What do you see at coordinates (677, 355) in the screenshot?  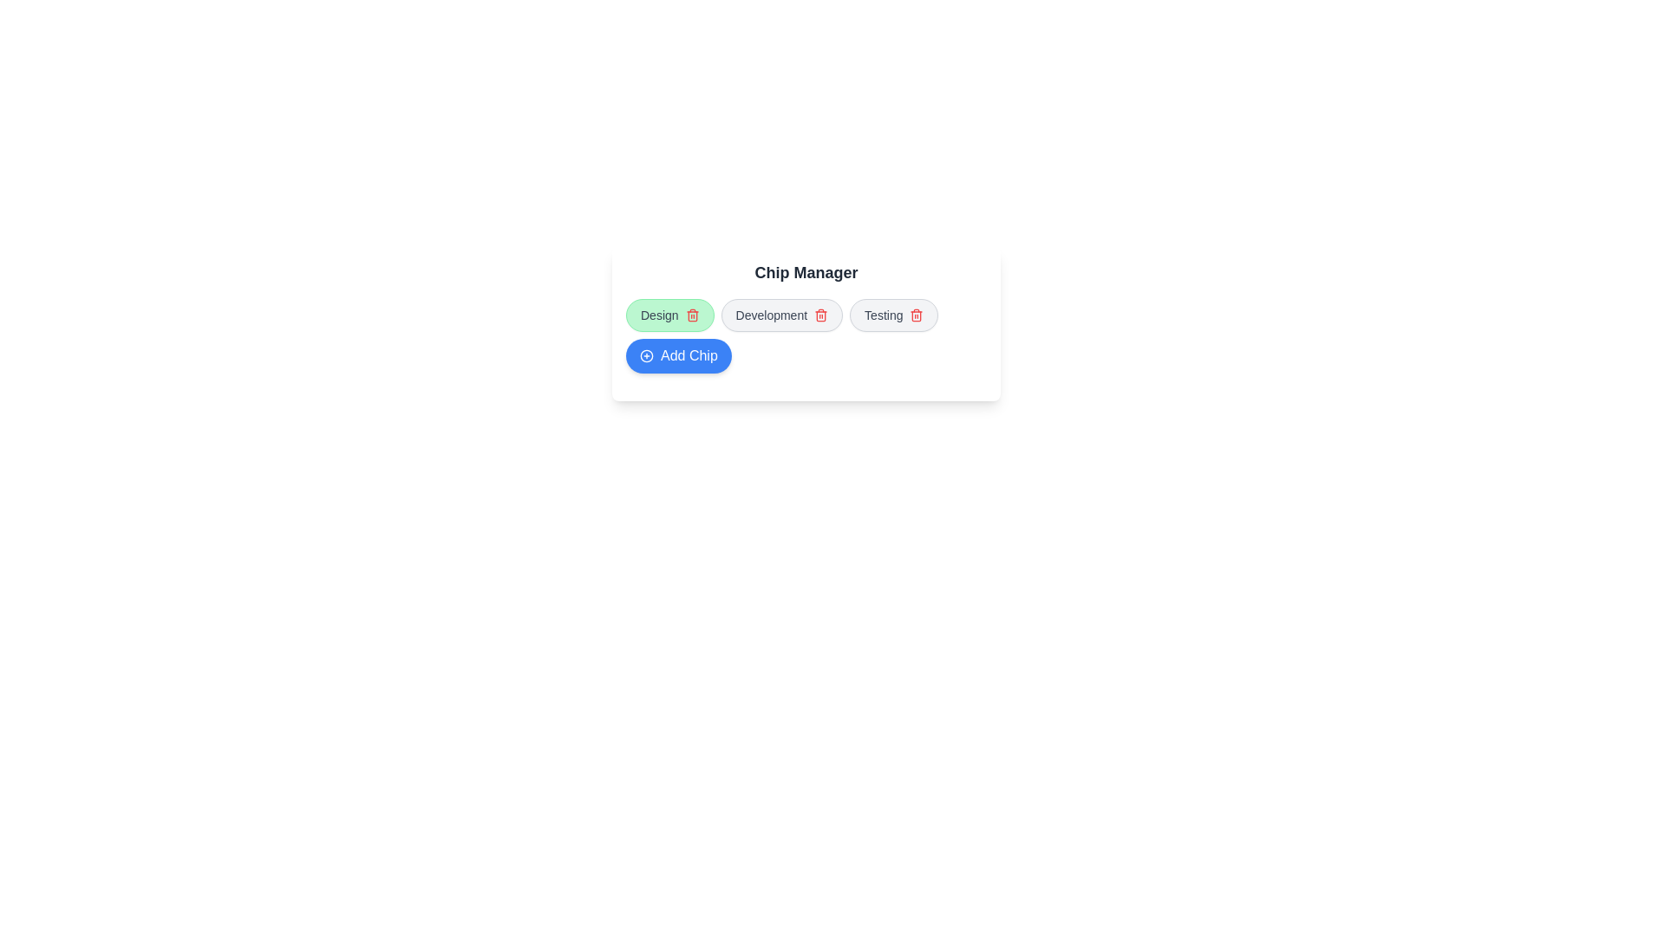 I see `the 'Add Chip' button to add a new chip` at bounding box center [677, 355].